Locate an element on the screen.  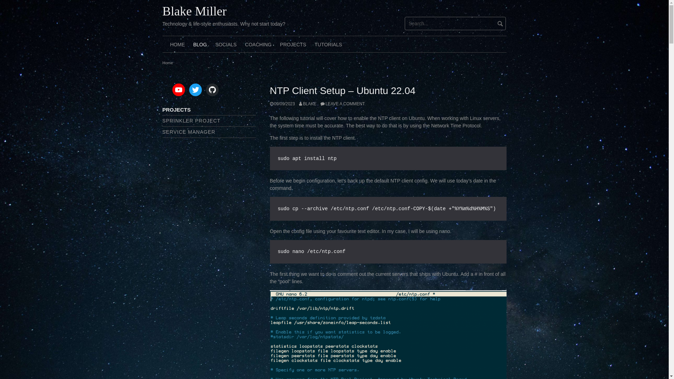
'SPRINKLER PROJECT' is located at coordinates (191, 120).